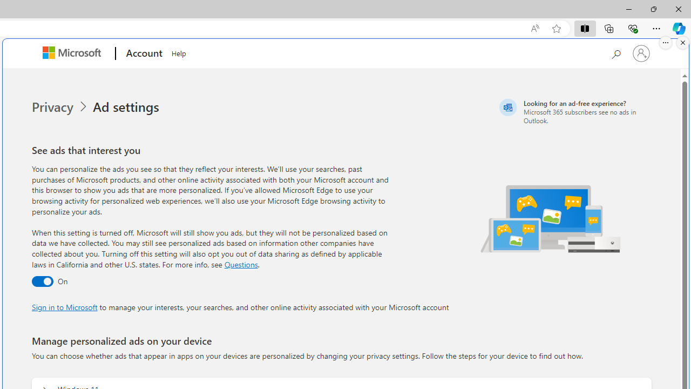 Image resolution: width=691 pixels, height=389 pixels. I want to click on 'Search Microsoft.com', so click(615, 52).